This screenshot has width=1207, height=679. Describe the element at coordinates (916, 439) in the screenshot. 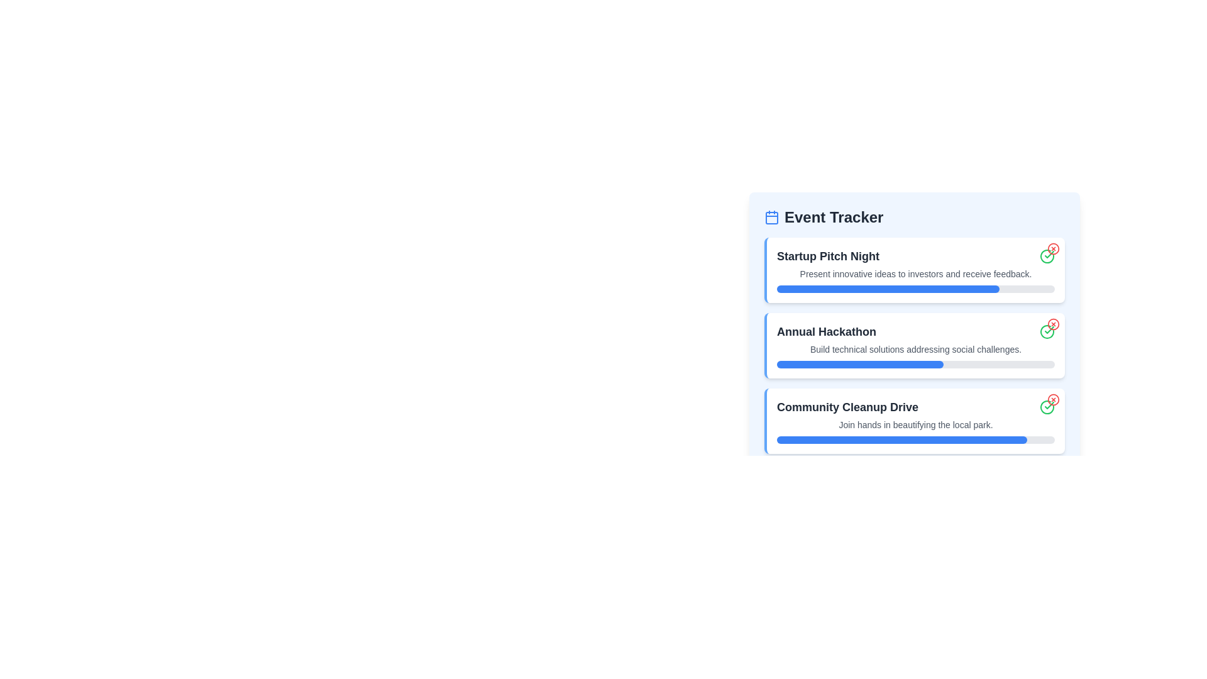

I see `the Progress Bar indicating 90% completion of the Community Cleanup Drive event, located at the bottom of the card in the Event Tracker list` at that location.